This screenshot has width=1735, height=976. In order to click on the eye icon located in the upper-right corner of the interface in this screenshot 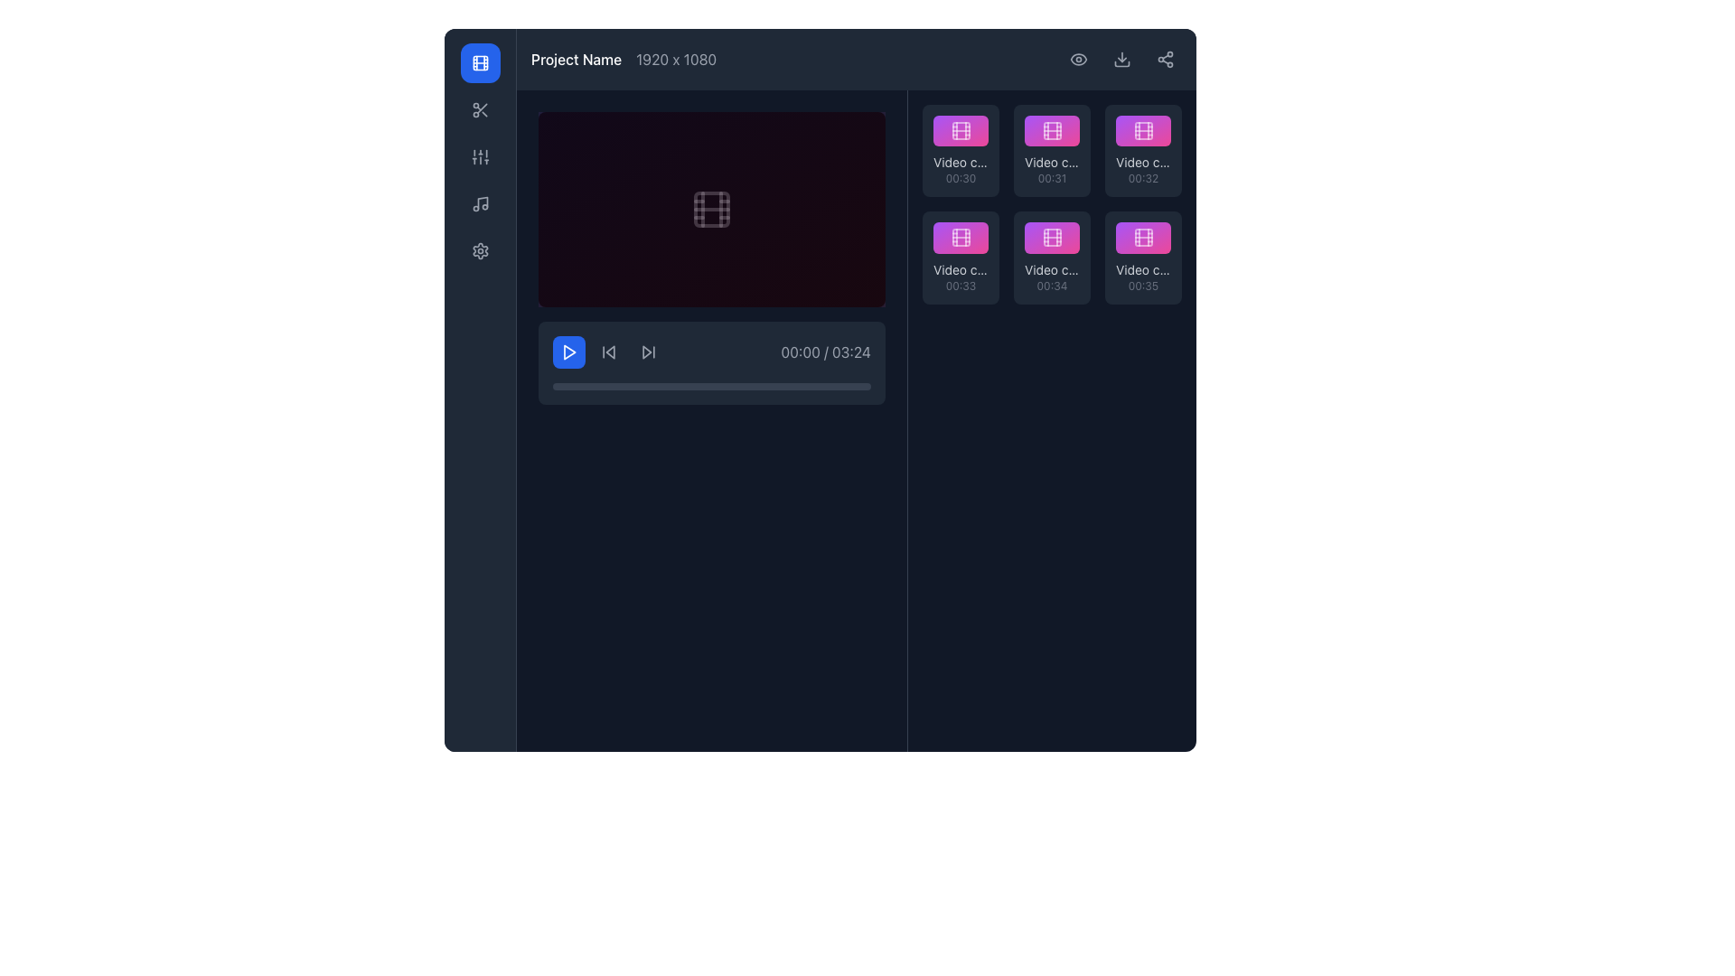, I will do `click(1079, 58)`.